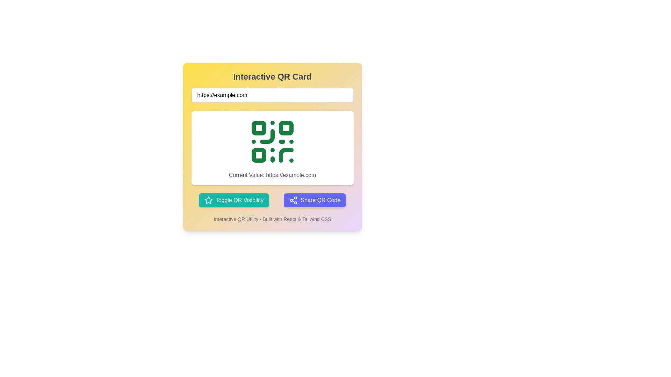 This screenshot has width=671, height=377. I want to click on the small green square with rounded corners located in the top-left part of the QR code graphic, so click(258, 128).